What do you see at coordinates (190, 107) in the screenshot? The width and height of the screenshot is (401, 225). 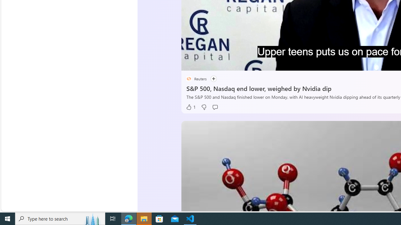 I see `'1 Like'` at bounding box center [190, 107].